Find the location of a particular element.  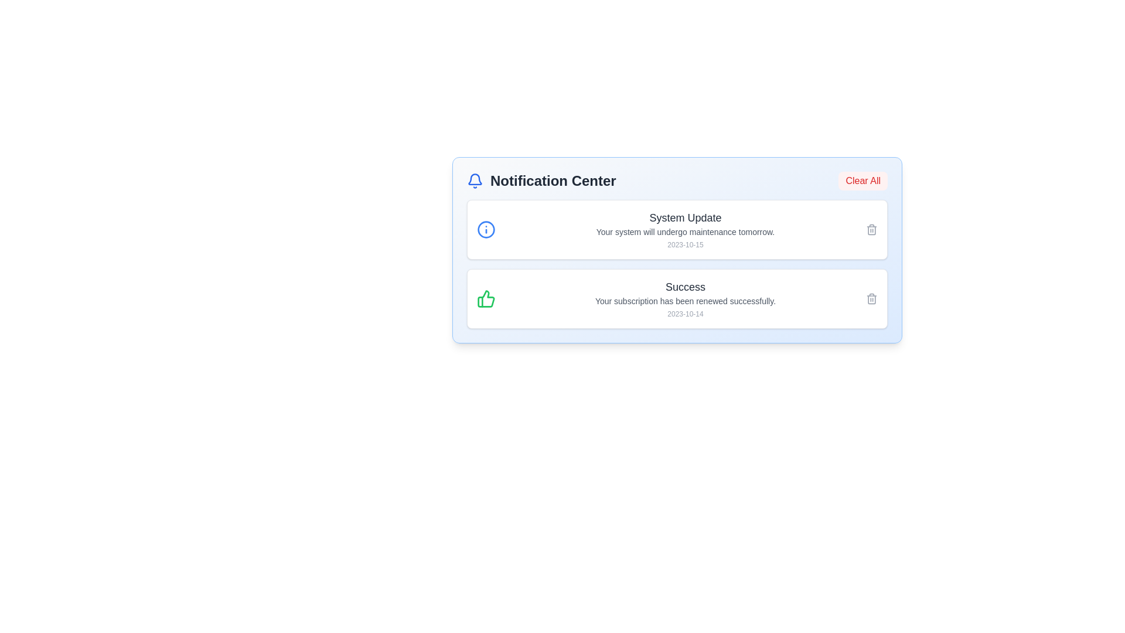

the notification bell icon located in the header of the notification panel to interact with it is located at coordinates (475, 181).